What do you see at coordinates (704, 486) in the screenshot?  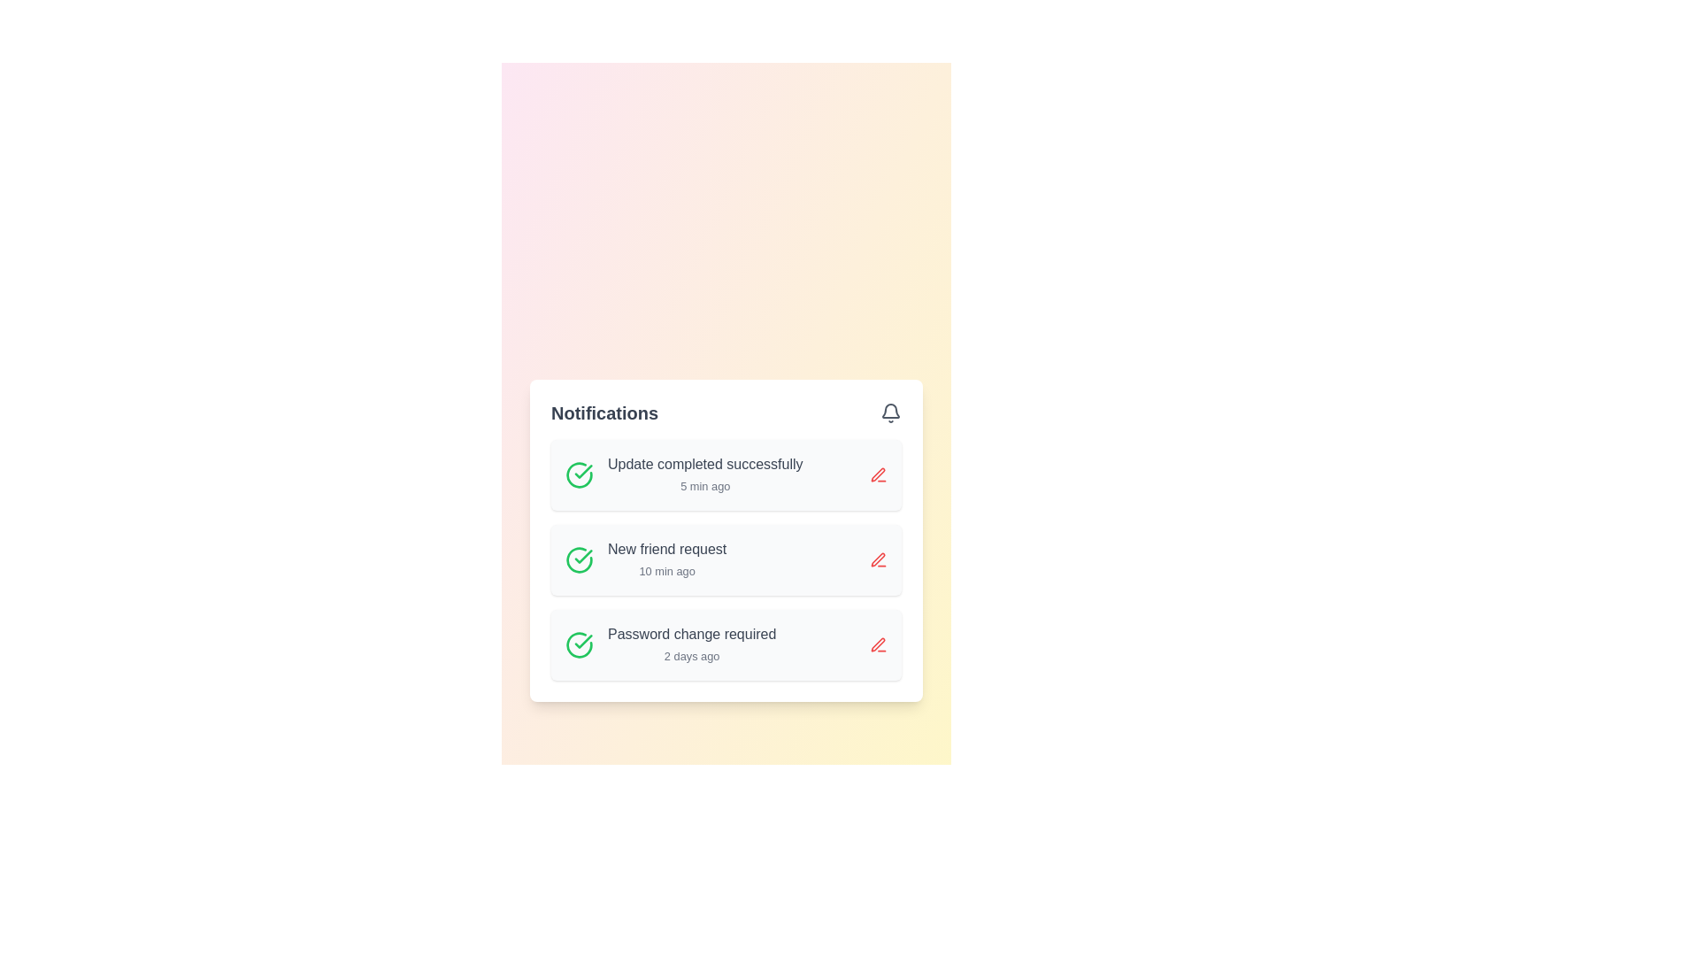 I see `time information from the timestamp text label located within the 'Update completed successfully' notification card, positioned directly beneath the main title and towards the right-hand side` at bounding box center [704, 486].